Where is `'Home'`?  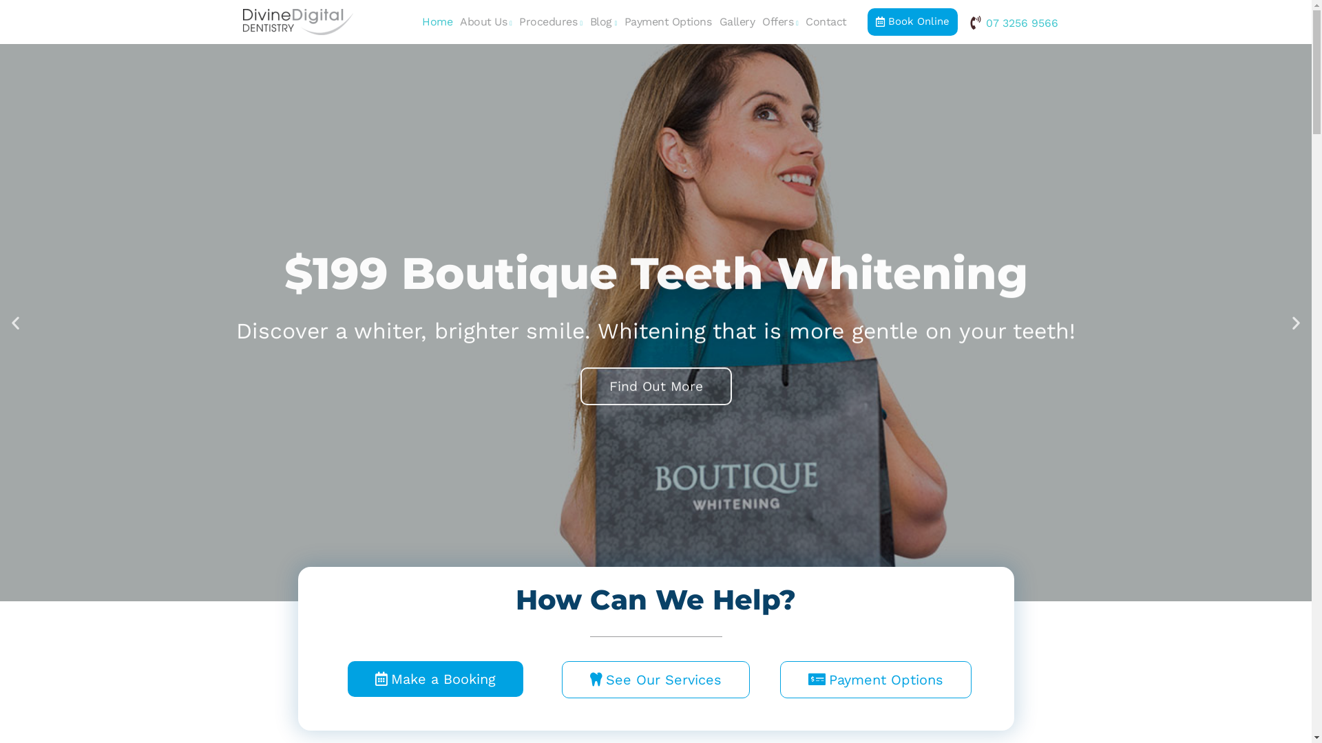 'Home' is located at coordinates (436, 21).